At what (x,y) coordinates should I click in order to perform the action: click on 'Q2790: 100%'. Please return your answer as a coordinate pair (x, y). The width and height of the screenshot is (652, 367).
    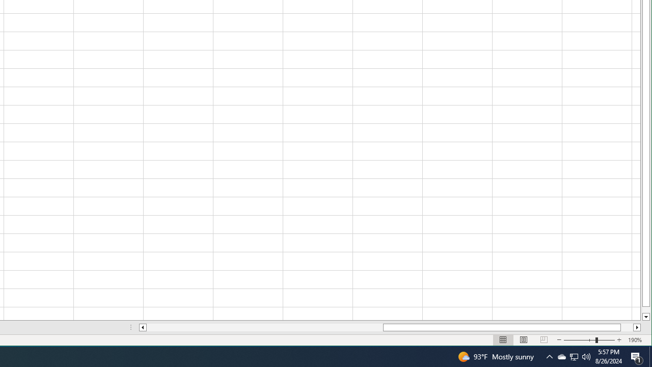
    Looking at the image, I should click on (574, 356).